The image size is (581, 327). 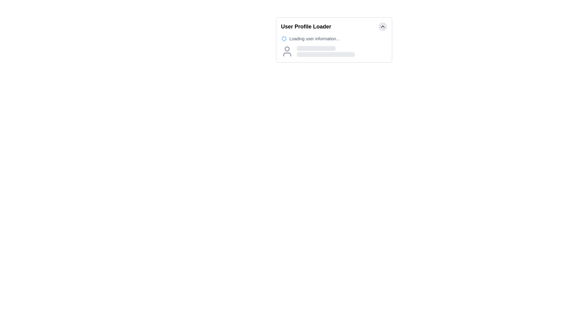 What do you see at coordinates (333, 46) in the screenshot?
I see `the Loading Indicator positioned below the 'User Profile Loader' header, which indicates the progress of loading or fetching user information` at bounding box center [333, 46].